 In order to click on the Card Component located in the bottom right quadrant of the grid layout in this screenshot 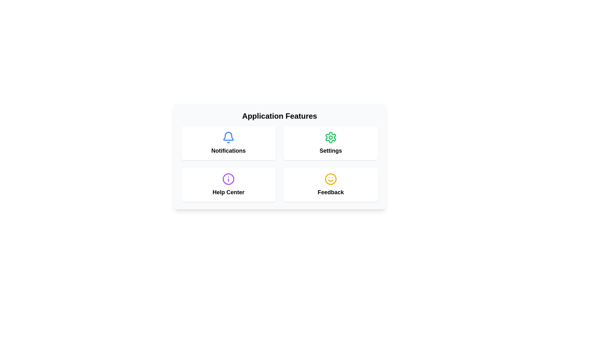, I will do `click(330, 184)`.